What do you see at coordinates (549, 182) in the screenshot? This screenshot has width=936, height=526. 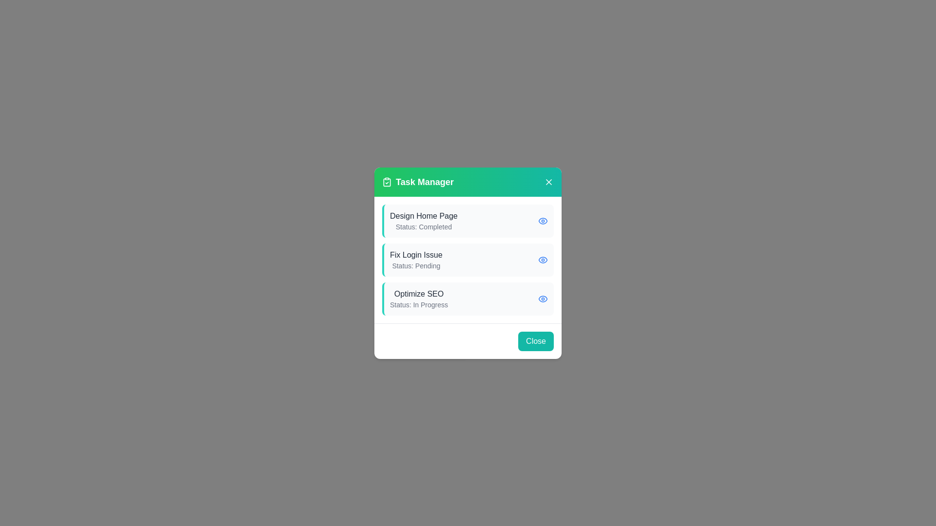 I see `the small 'X' icon button in the upper-right corner of the 'Task Manager' header` at bounding box center [549, 182].